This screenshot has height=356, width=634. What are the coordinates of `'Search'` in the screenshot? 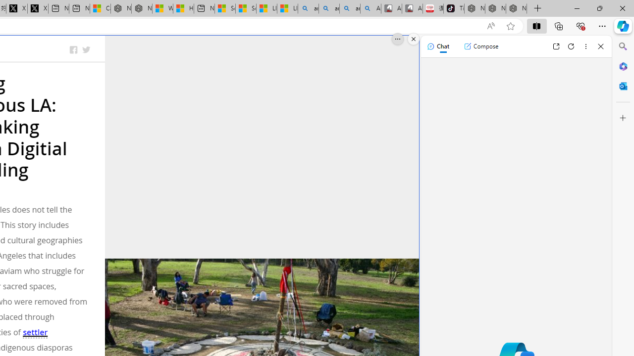 It's located at (623, 46).